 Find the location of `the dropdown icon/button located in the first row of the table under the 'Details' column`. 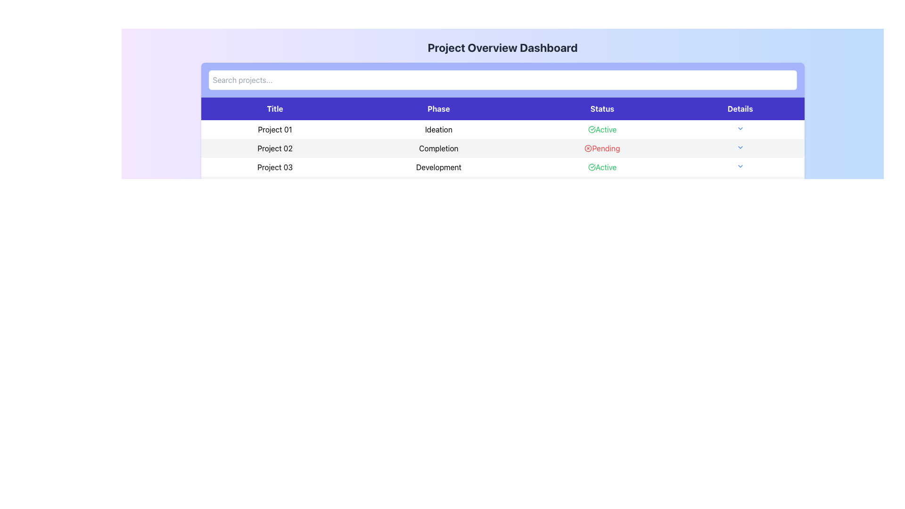

the dropdown icon/button located in the first row of the table under the 'Details' column is located at coordinates (740, 129).